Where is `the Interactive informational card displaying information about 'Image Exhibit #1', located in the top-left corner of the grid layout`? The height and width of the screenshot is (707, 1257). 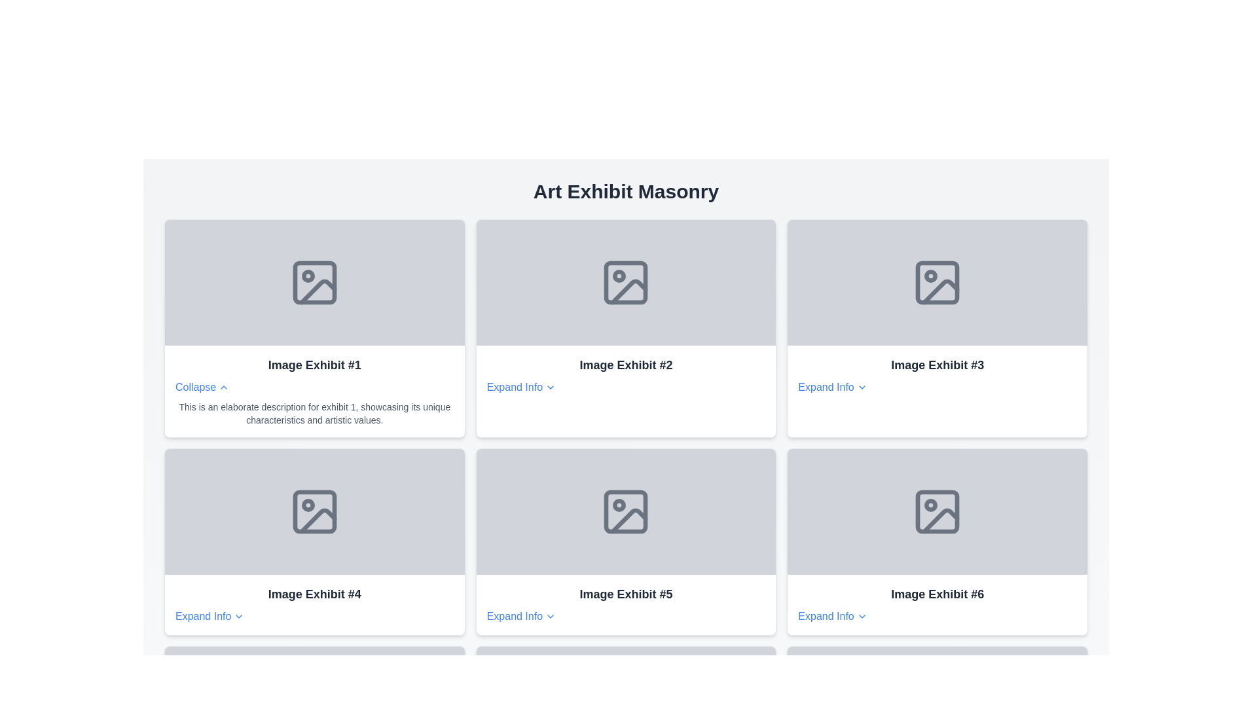
the Interactive informational card displaying information about 'Image Exhibit #1', located in the top-left corner of the grid layout is located at coordinates (314, 327).